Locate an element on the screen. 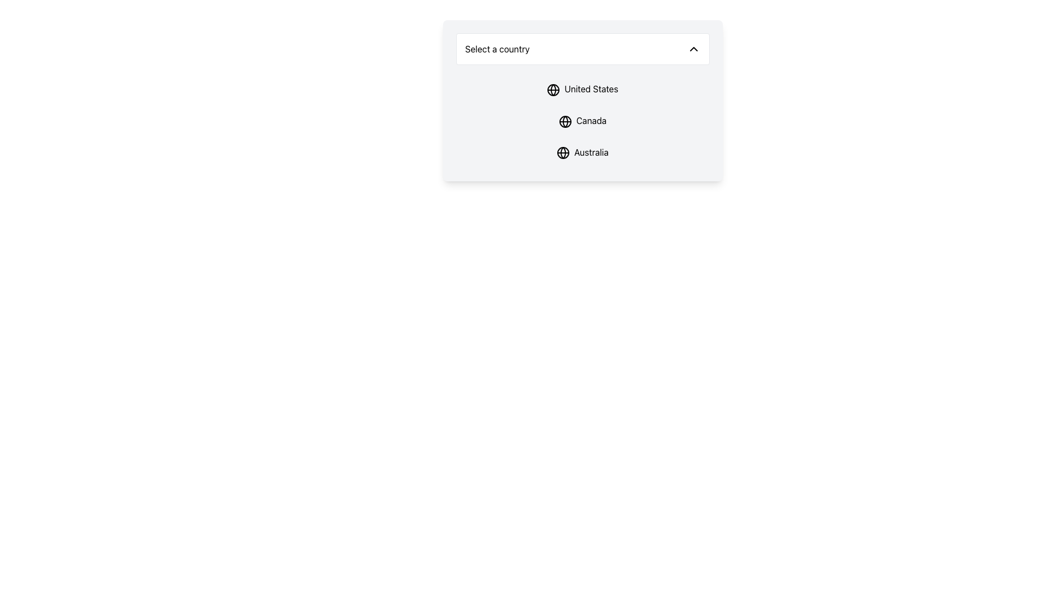 This screenshot has height=590, width=1049. to select the 'Canada' option in the dropdown menu, which is the second item in the list of country options is located at coordinates (582, 121).